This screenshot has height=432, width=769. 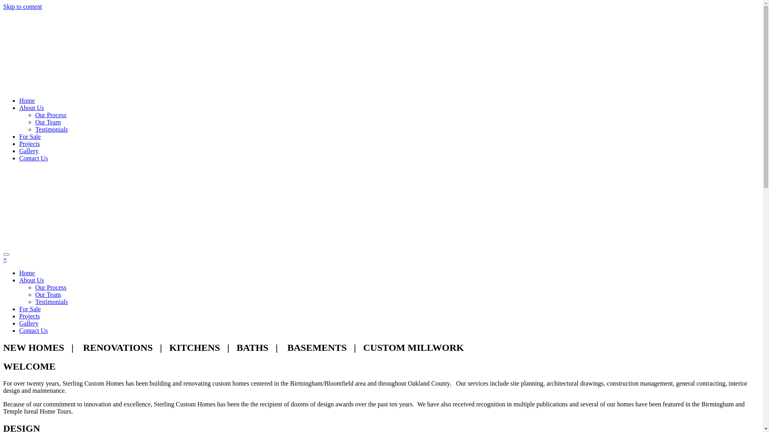 What do you see at coordinates (51, 302) in the screenshot?
I see `'Testimonials'` at bounding box center [51, 302].